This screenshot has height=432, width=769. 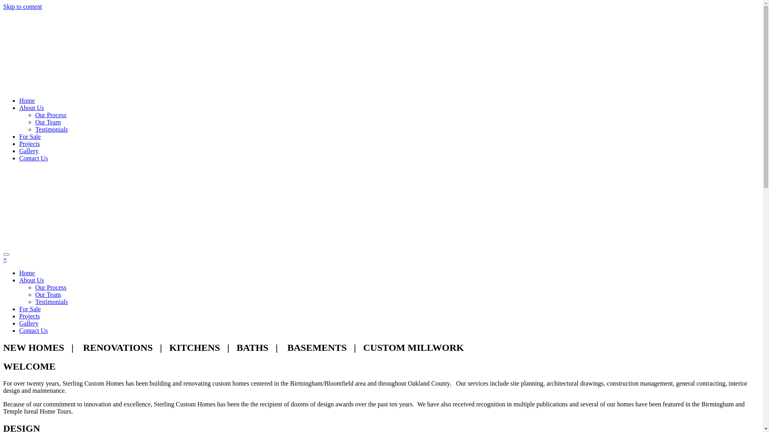 What do you see at coordinates (51, 302) in the screenshot?
I see `'Testimonials'` at bounding box center [51, 302].